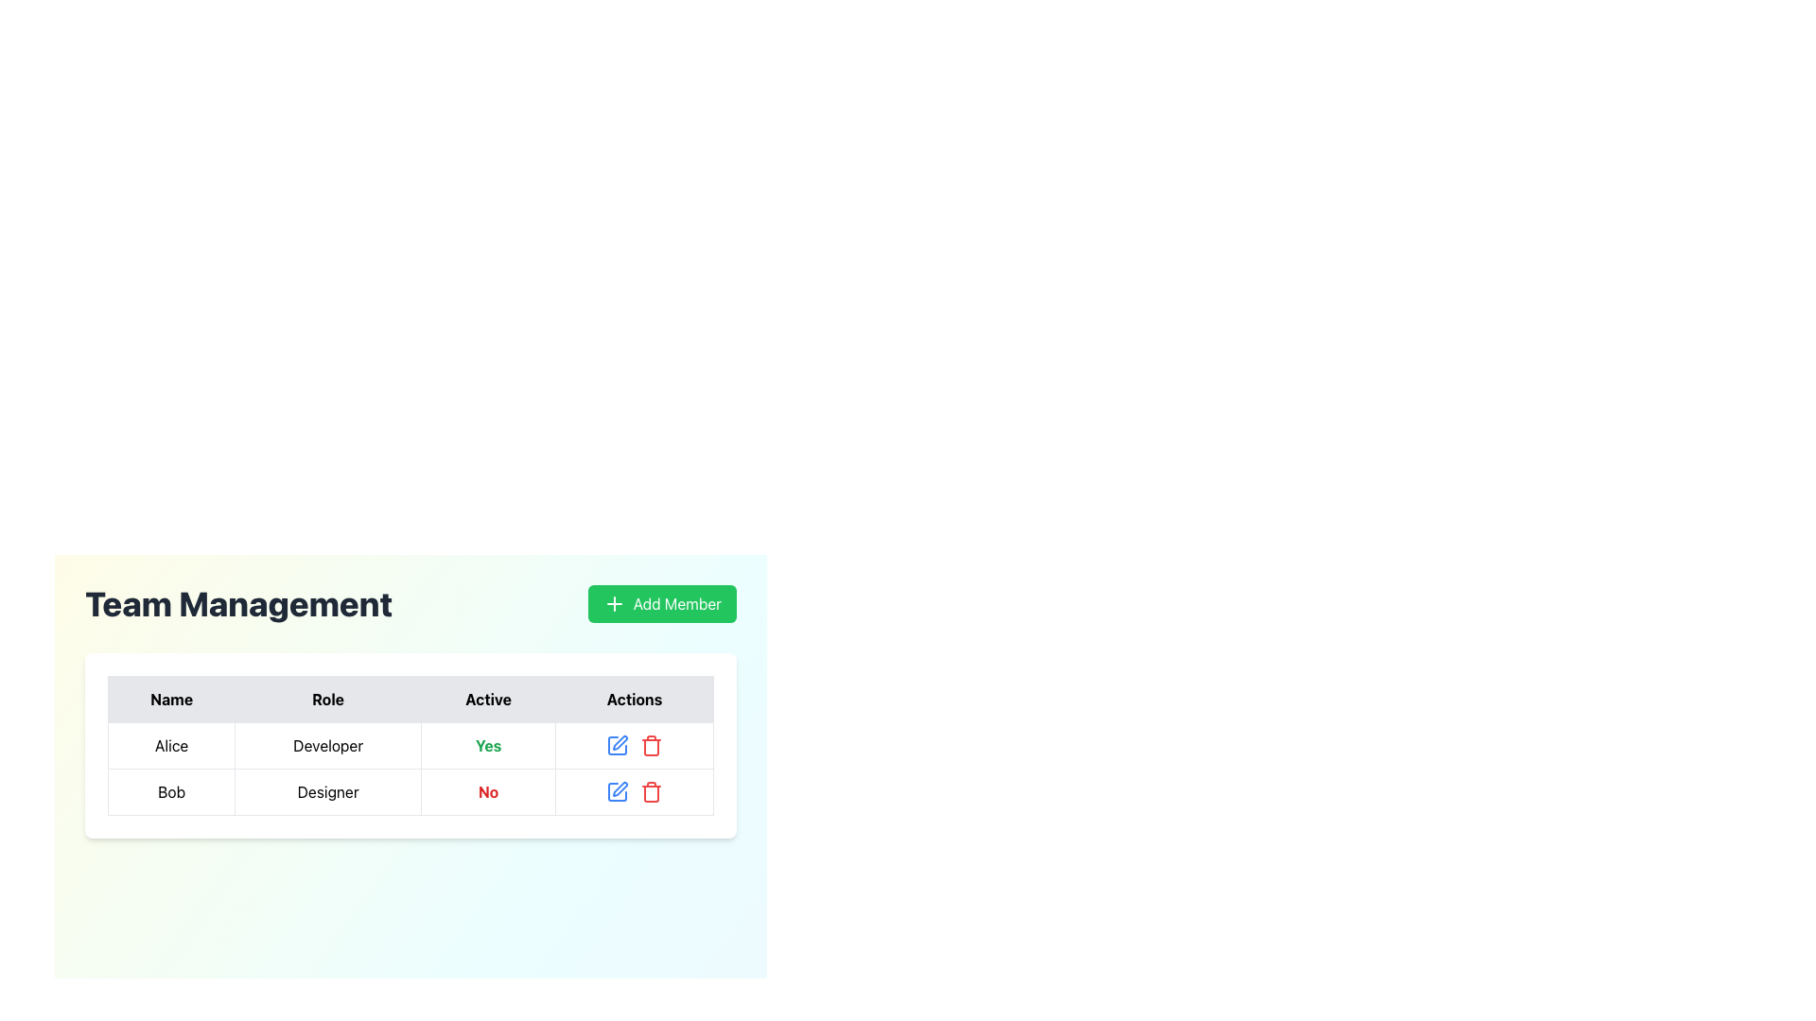  Describe the element at coordinates (171, 700) in the screenshot. I see `the content of the column associated with the 'Name' table header cell, which is the first cell in a four-column table header with a light gray background` at that location.